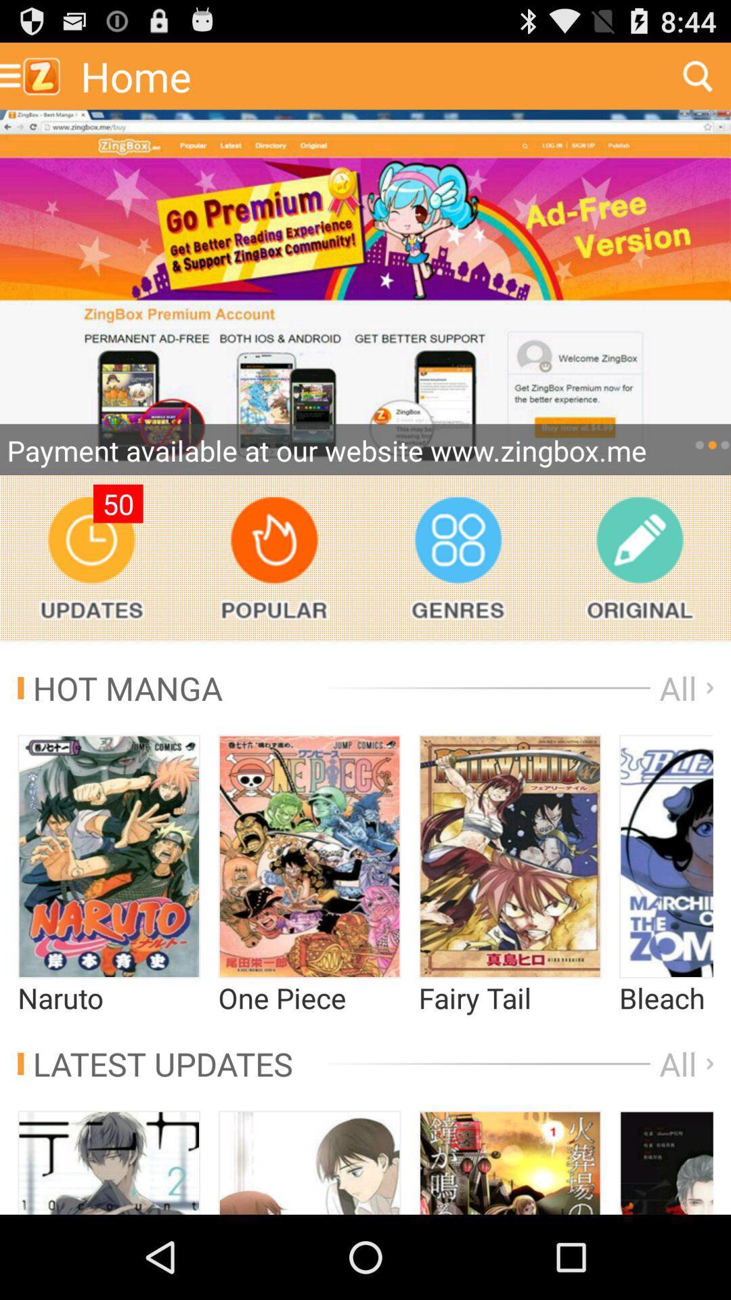 The height and width of the screenshot is (1300, 731). I want to click on website, so click(365, 292).